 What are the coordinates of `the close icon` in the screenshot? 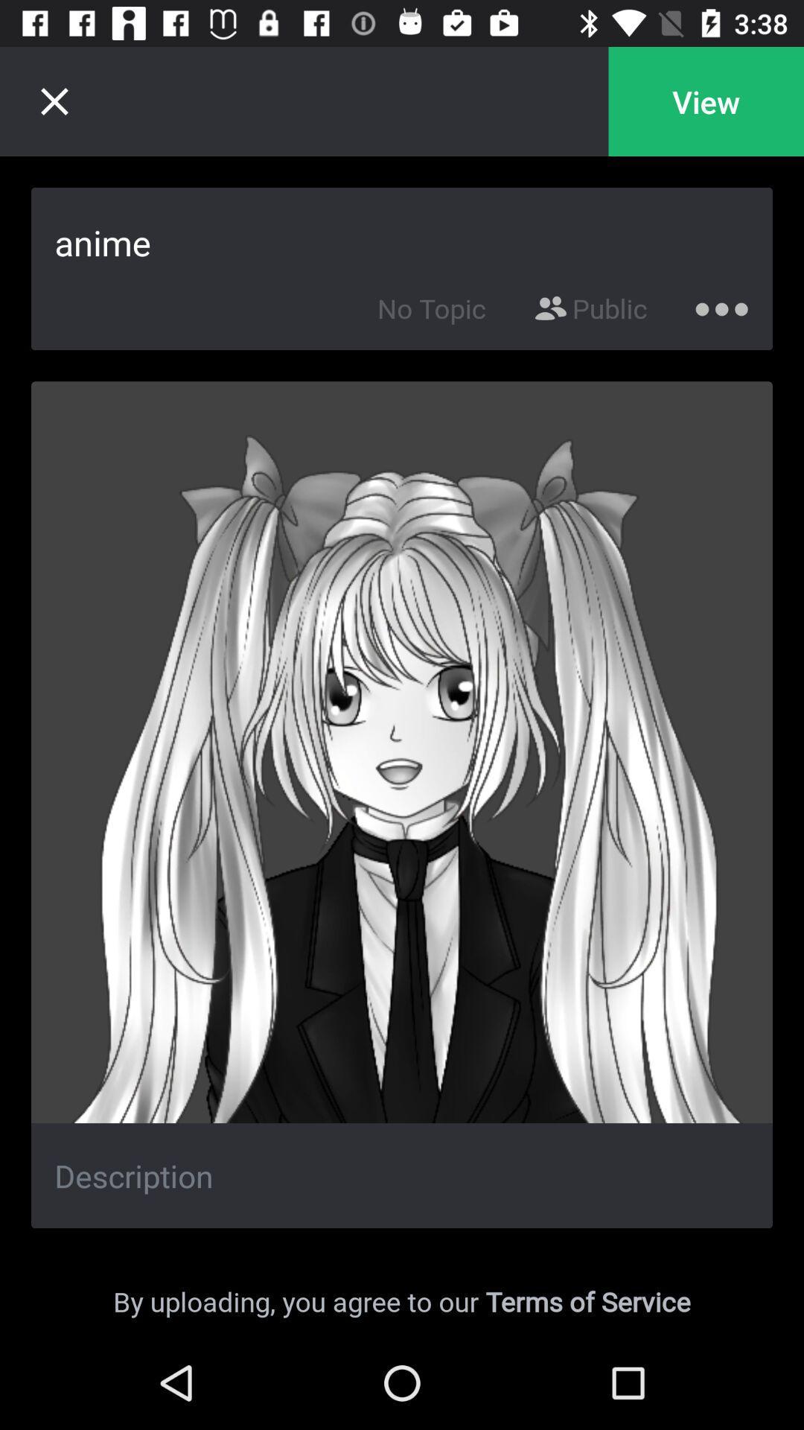 It's located at (54, 101).